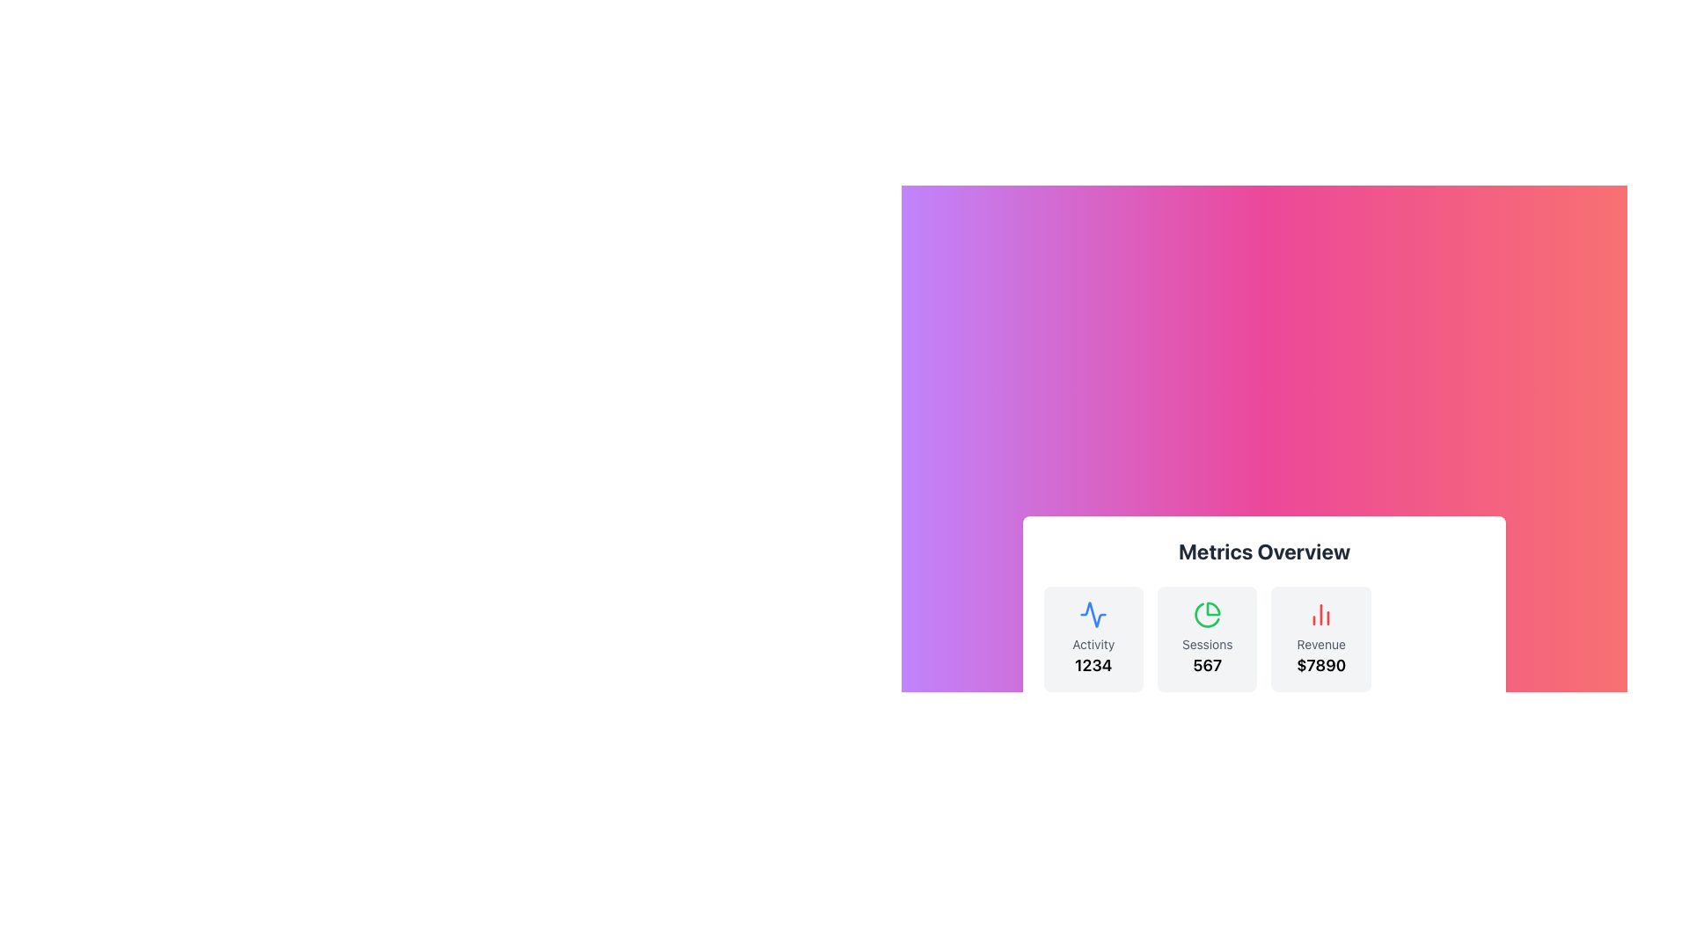 The image size is (1689, 950). What do you see at coordinates (1206, 665) in the screenshot?
I see `text displayed in the Text Label that represents the number of sessions, located at the bottom of the session-related section card, below the 'Sessions' label` at bounding box center [1206, 665].